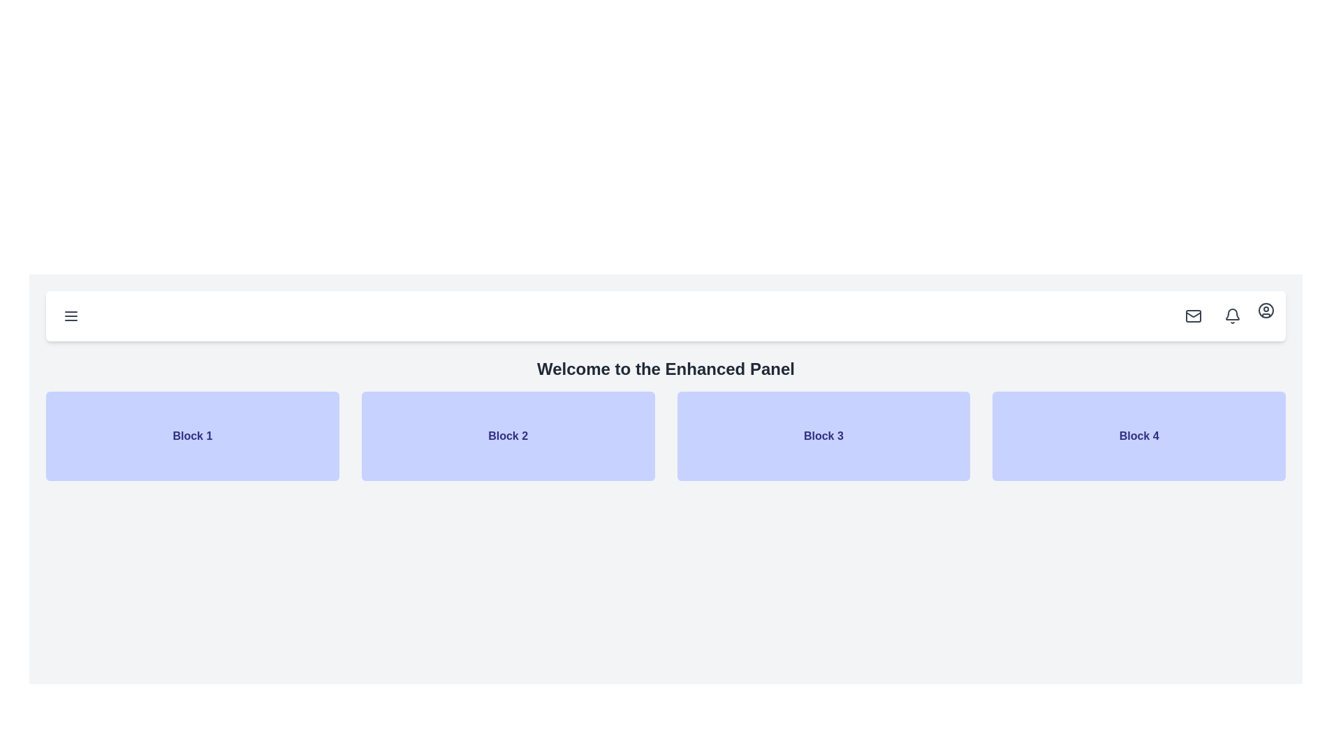 The height and width of the screenshot is (754, 1341). Describe the element at coordinates (1266, 309) in the screenshot. I see `the innermost SVG circle located at the top-right corner of the navigation bar` at that location.